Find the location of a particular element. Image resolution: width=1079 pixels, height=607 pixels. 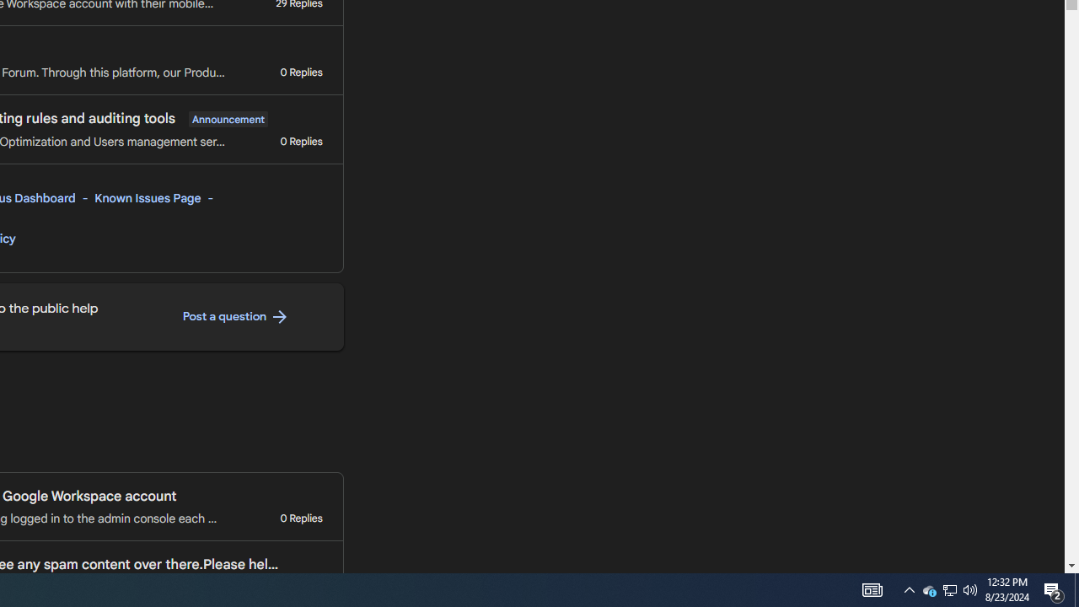

'Known Issues Page' is located at coordinates (148, 197).